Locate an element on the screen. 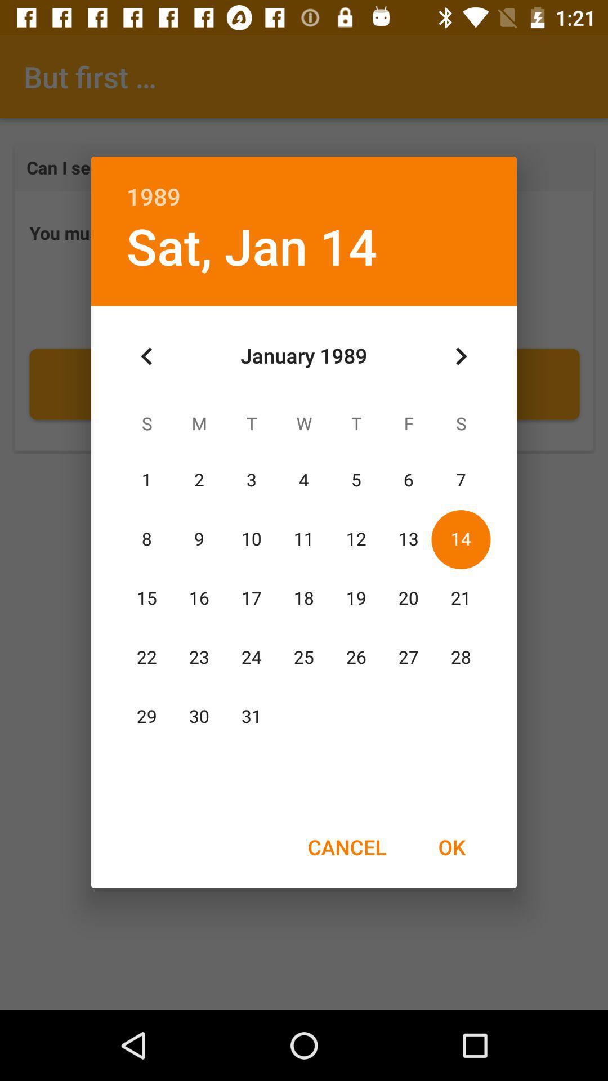 The height and width of the screenshot is (1081, 608). the item at the bottom right corner is located at coordinates (451, 847).